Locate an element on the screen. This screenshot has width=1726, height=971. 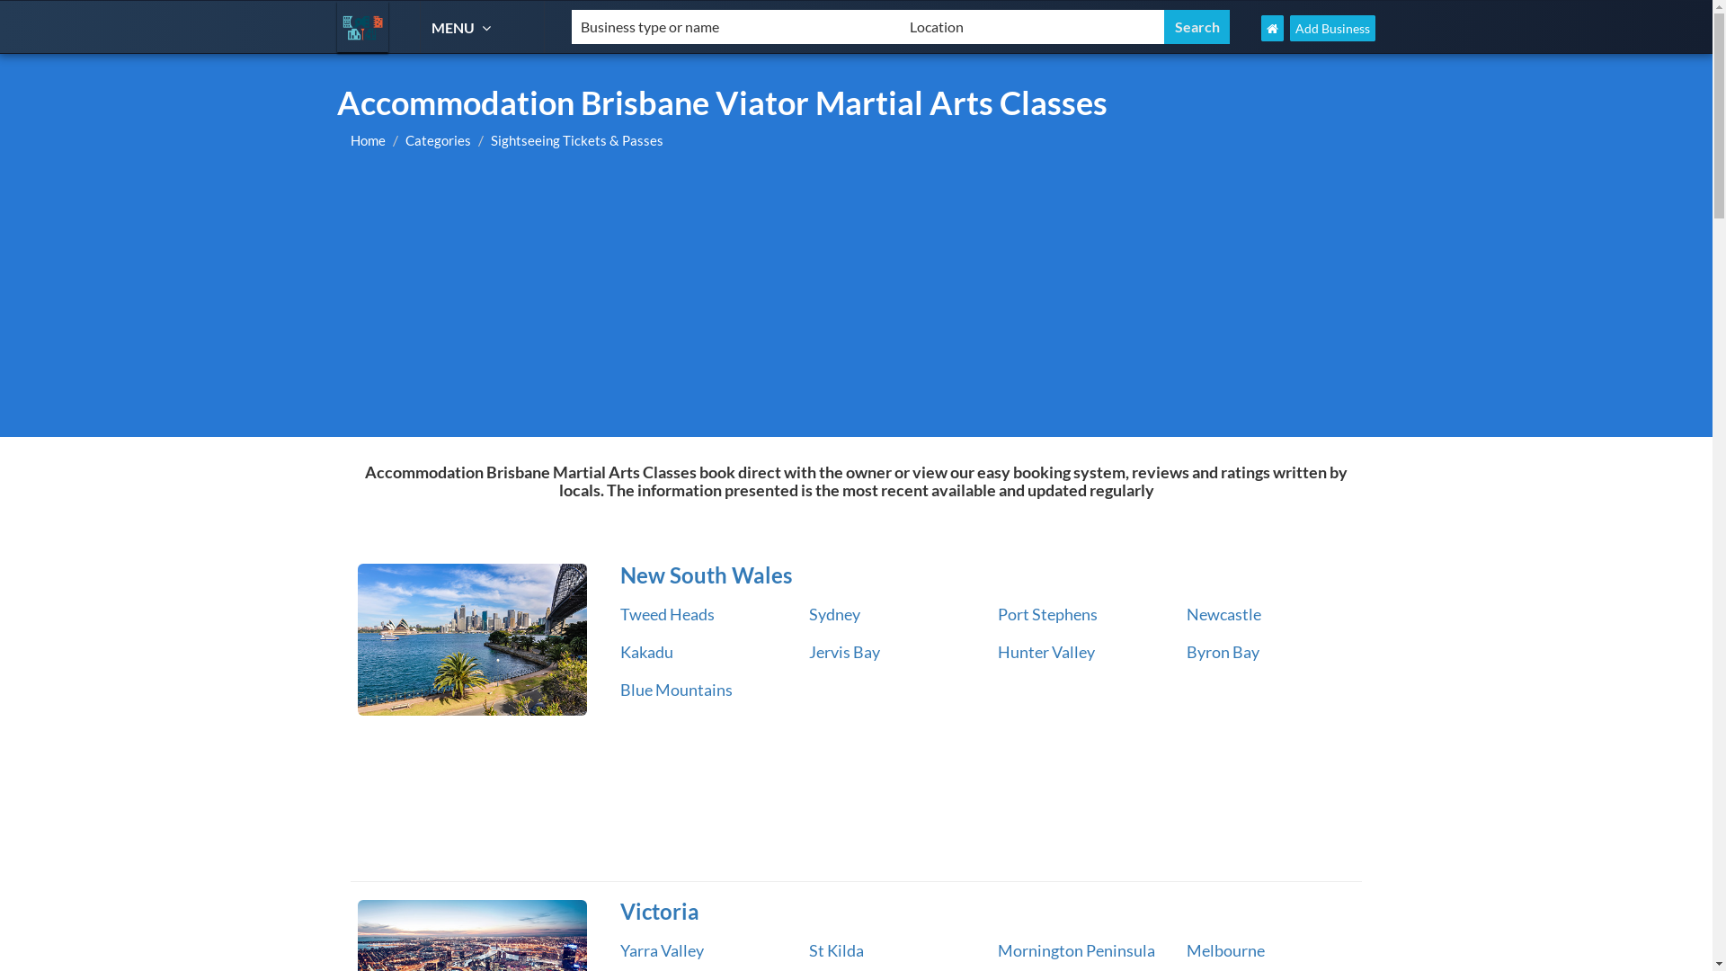
'Melbourne' is located at coordinates (1224, 949).